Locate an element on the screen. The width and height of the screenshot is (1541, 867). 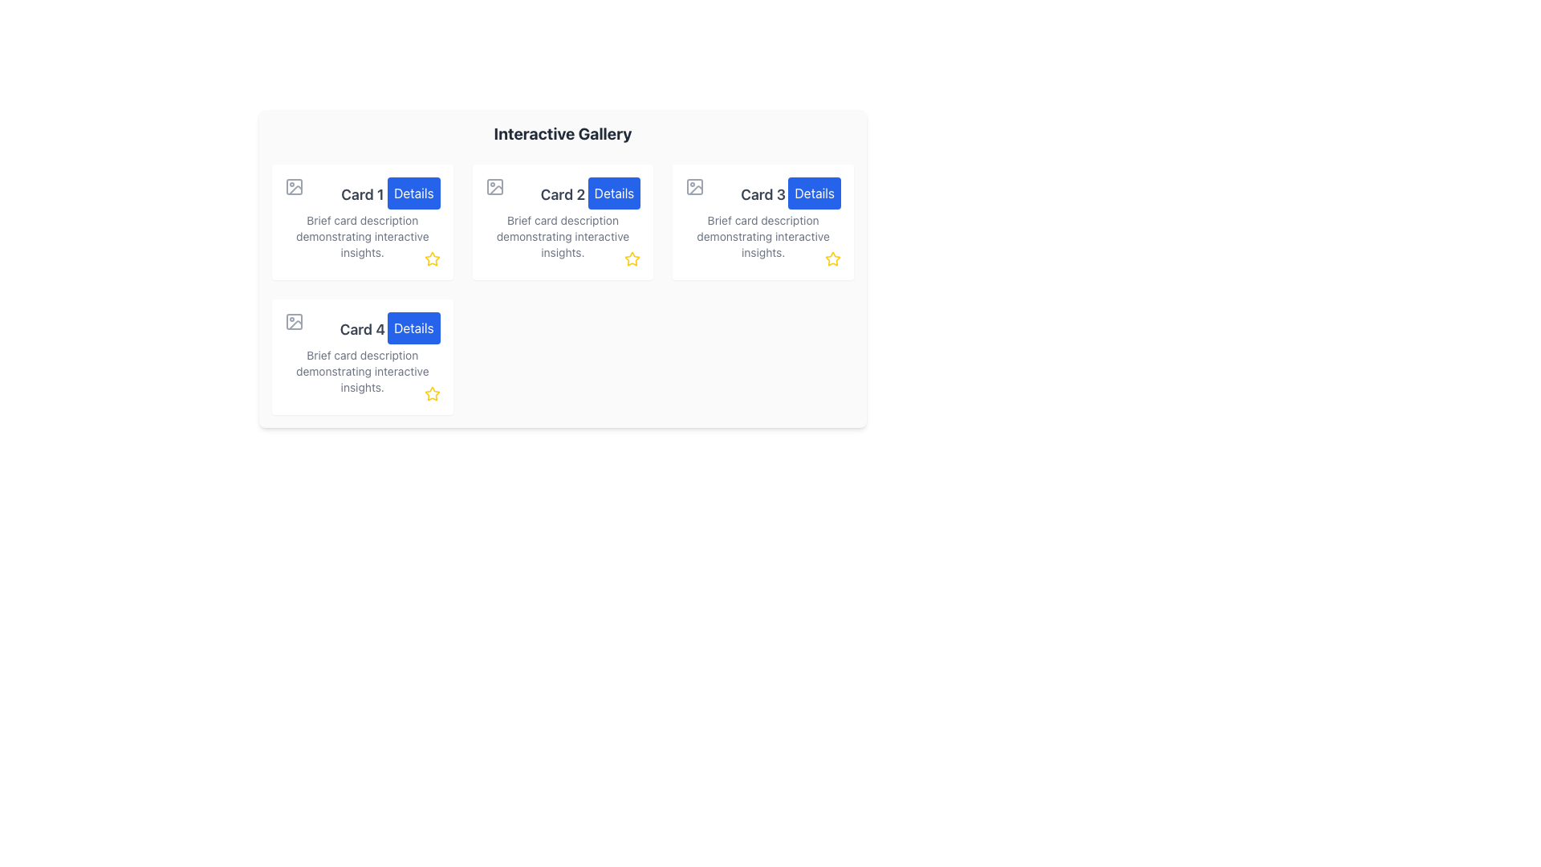
the star icon located in the bottom-right corner of 'Card 3' to interact with it is located at coordinates (832, 258).